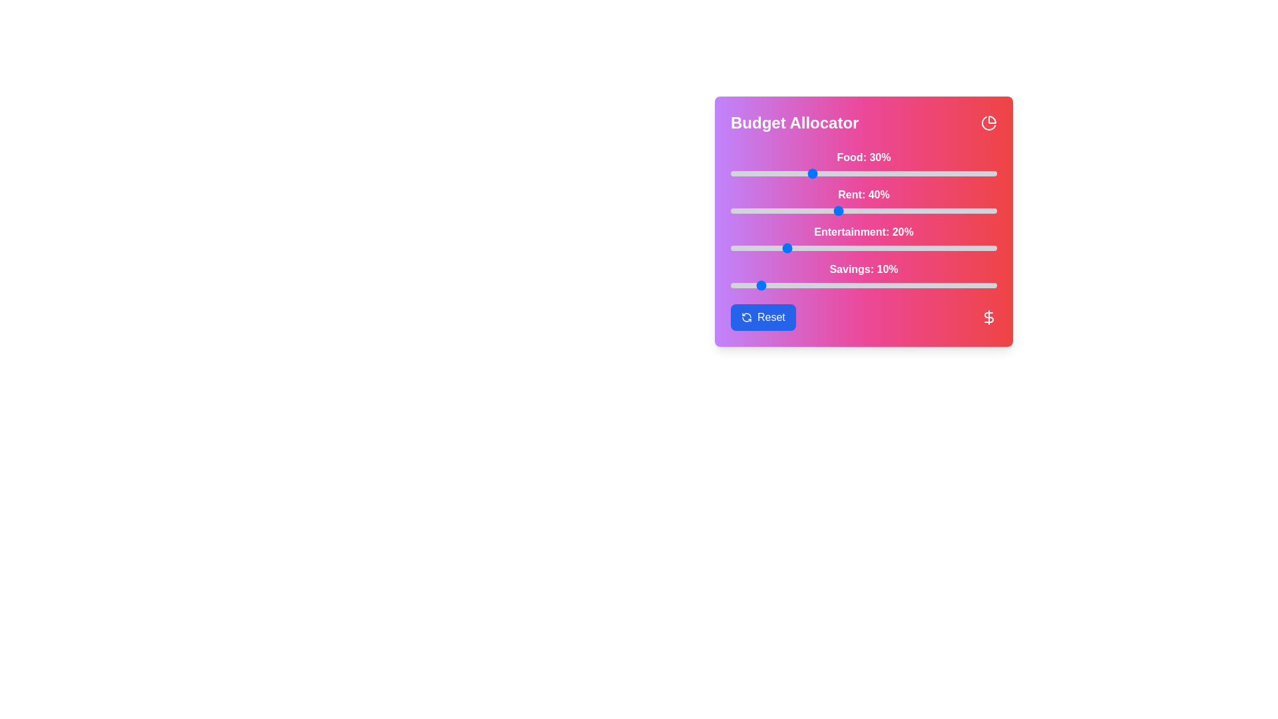 The image size is (1278, 719). What do you see at coordinates (863, 210) in the screenshot?
I see `the rent slider` at bounding box center [863, 210].